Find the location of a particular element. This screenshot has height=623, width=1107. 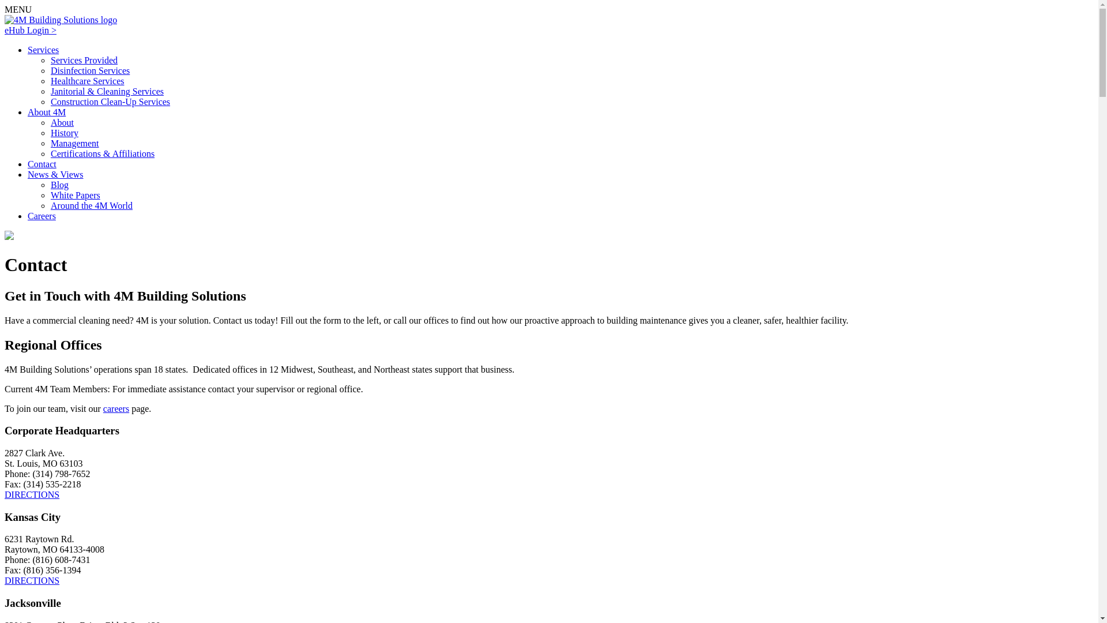

'Healthcare Services' is located at coordinates (86, 80).